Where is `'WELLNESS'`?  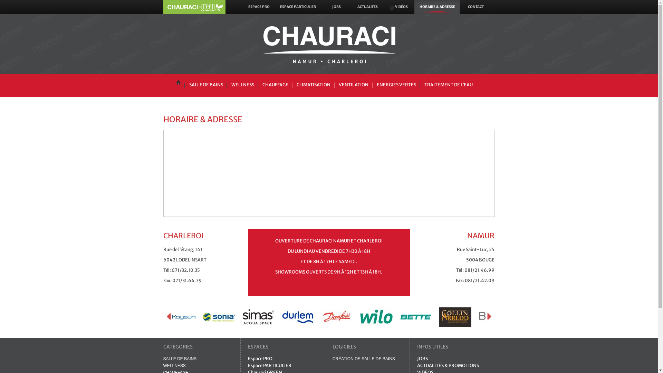
'WELLNESS' is located at coordinates (162, 365).